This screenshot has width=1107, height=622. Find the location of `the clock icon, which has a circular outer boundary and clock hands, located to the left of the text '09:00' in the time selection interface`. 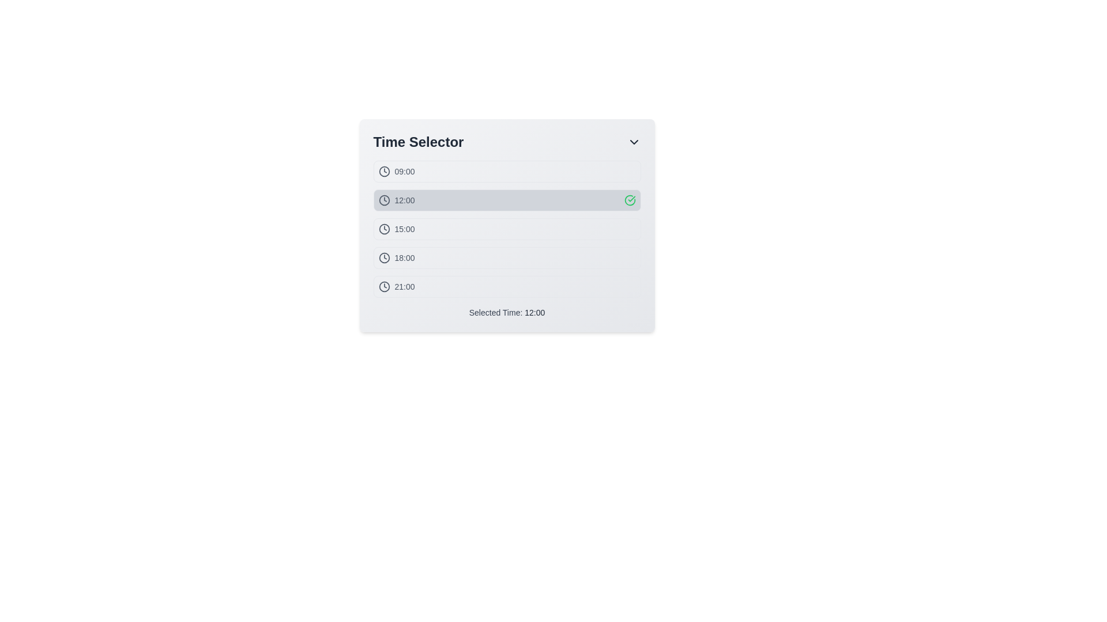

the clock icon, which has a circular outer boundary and clock hands, located to the left of the text '09:00' in the time selection interface is located at coordinates (384, 171).